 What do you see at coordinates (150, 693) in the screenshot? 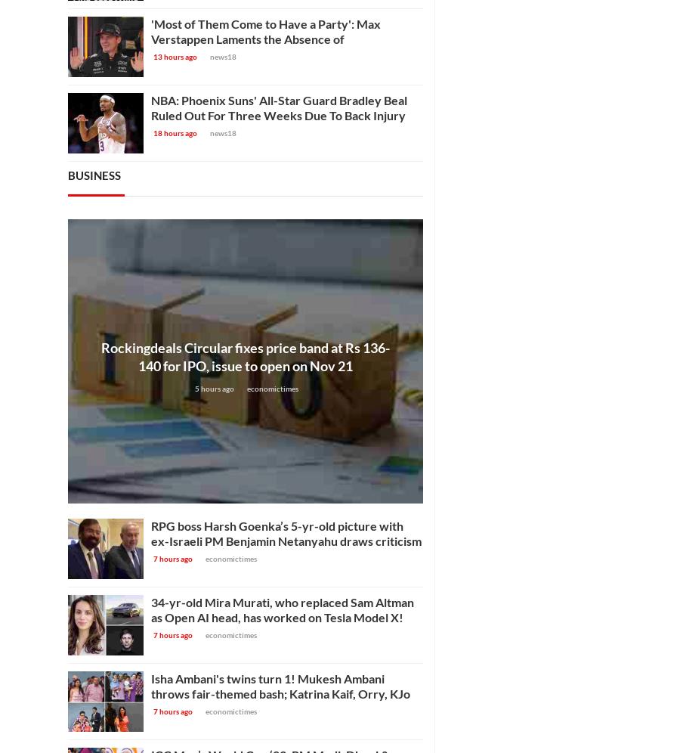
I see `'Isha Ambani's twins turn 1! Mukesh Ambani throws fair-themed bash; Katrina Kaif, Orry, KJo attend'` at bounding box center [150, 693].